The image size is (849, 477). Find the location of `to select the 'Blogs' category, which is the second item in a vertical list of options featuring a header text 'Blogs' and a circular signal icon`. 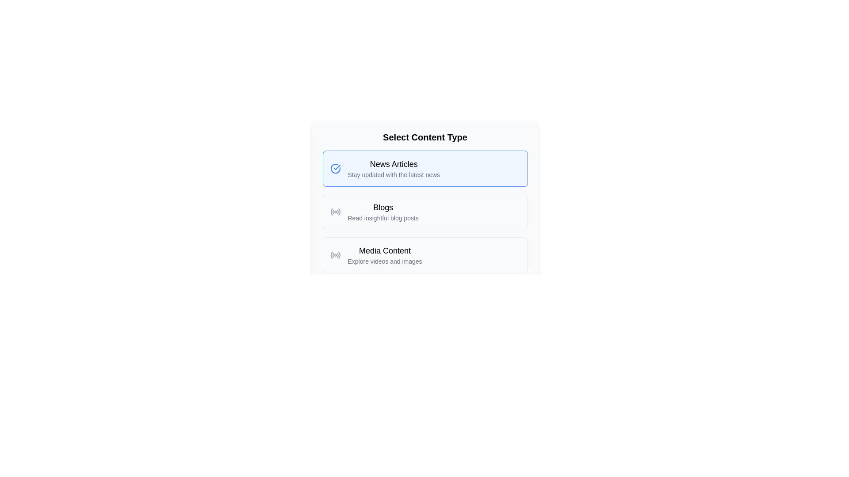

to select the 'Blogs' category, which is the second item in a vertical list of options featuring a header text 'Blogs' and a circular signal icon is located at coordinates (374, 212).